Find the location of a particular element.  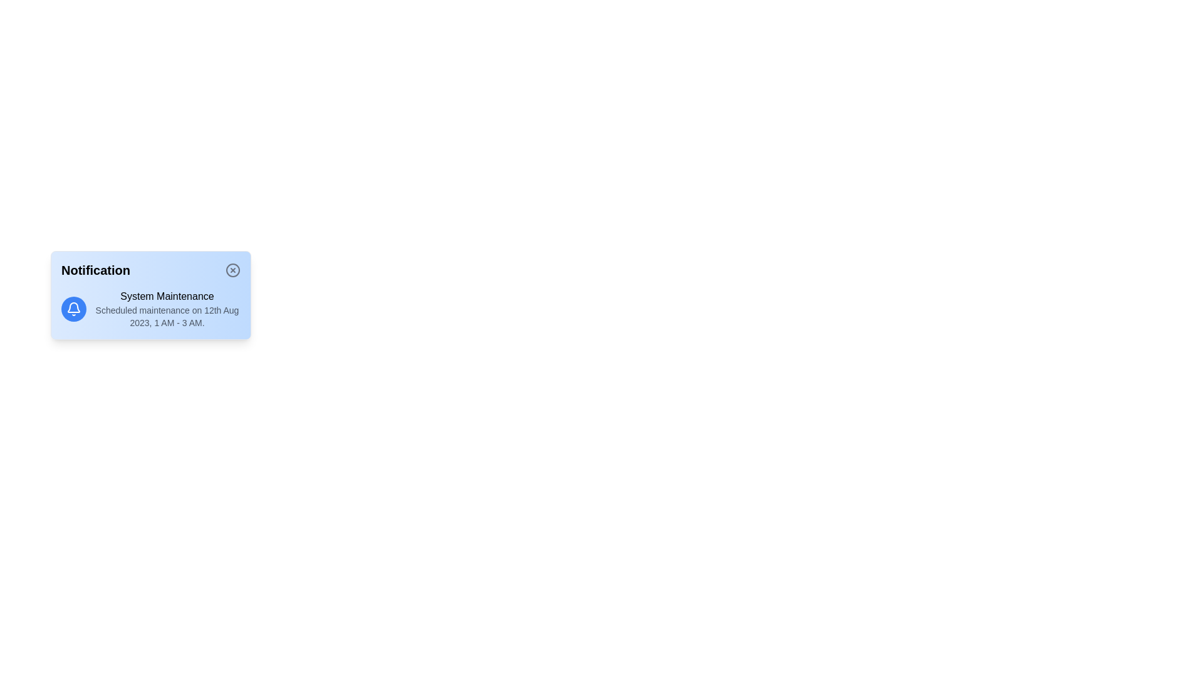

the Text Display that informs the user about the scheduled system maintenance event, located in the notification card to the right of the bell icon is located at coordinates (167, 309).